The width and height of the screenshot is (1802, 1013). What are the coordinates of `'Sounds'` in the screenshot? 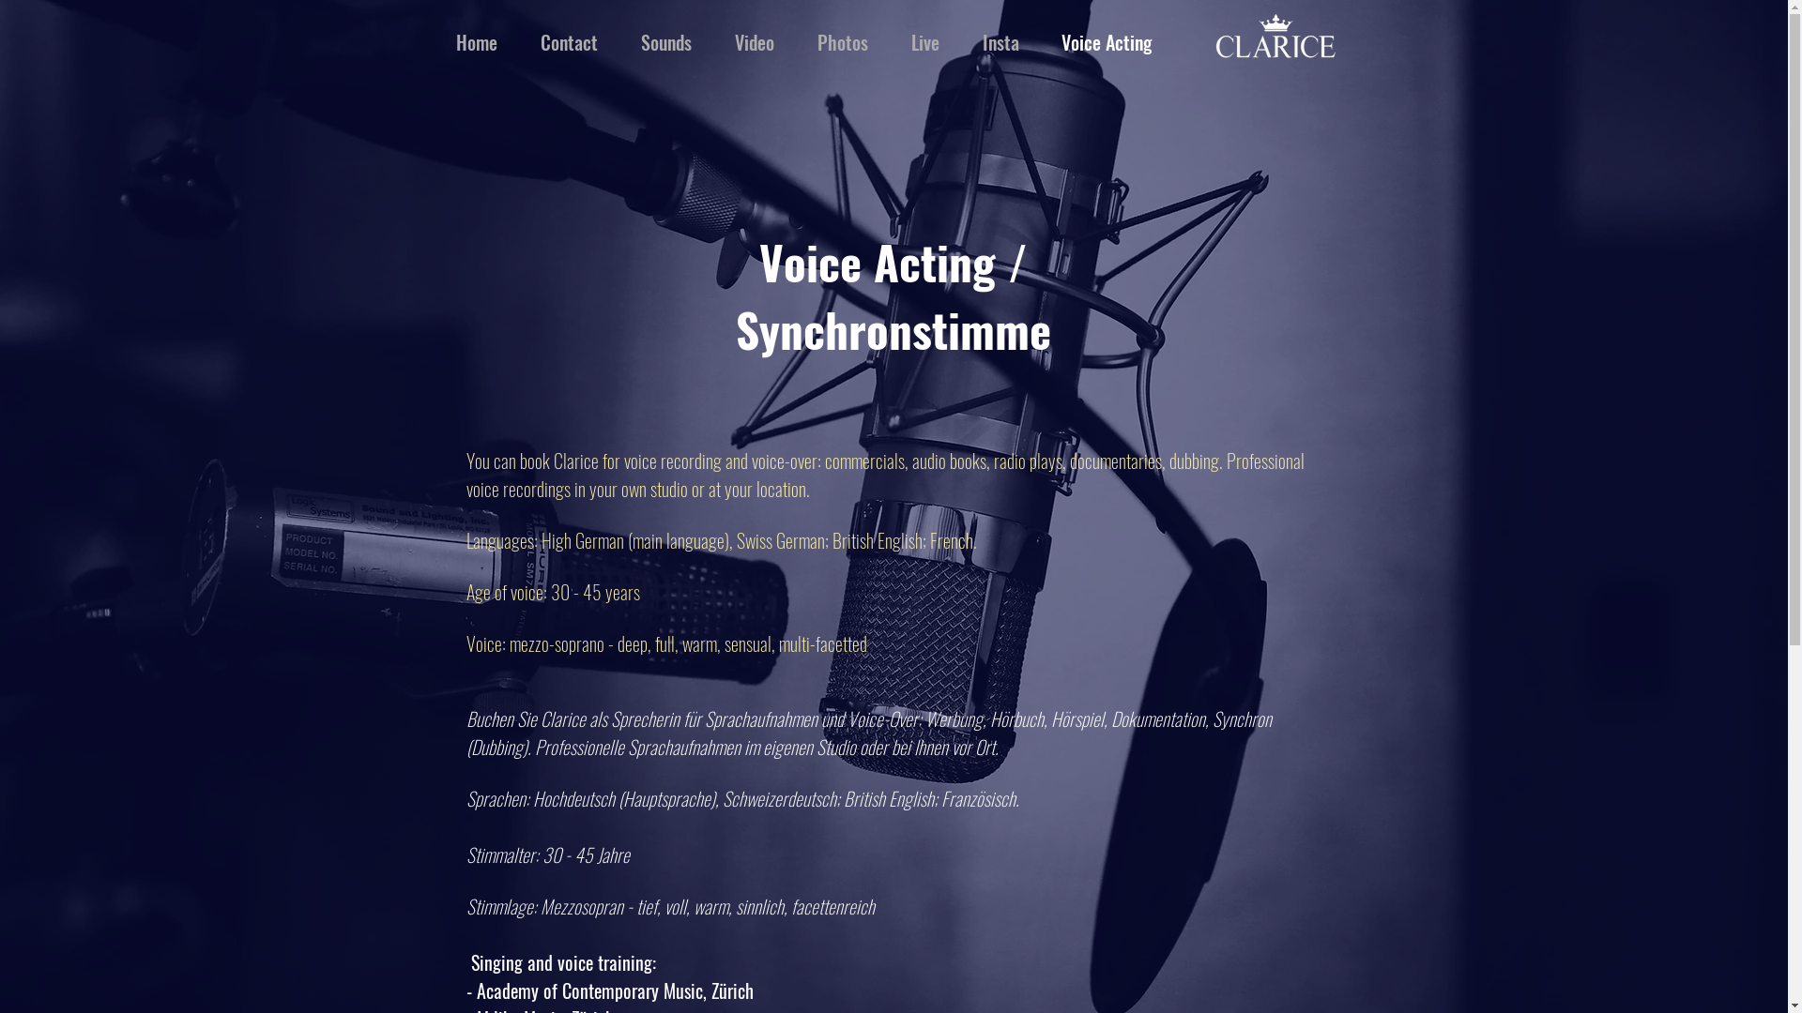 It's located at (666, 42).